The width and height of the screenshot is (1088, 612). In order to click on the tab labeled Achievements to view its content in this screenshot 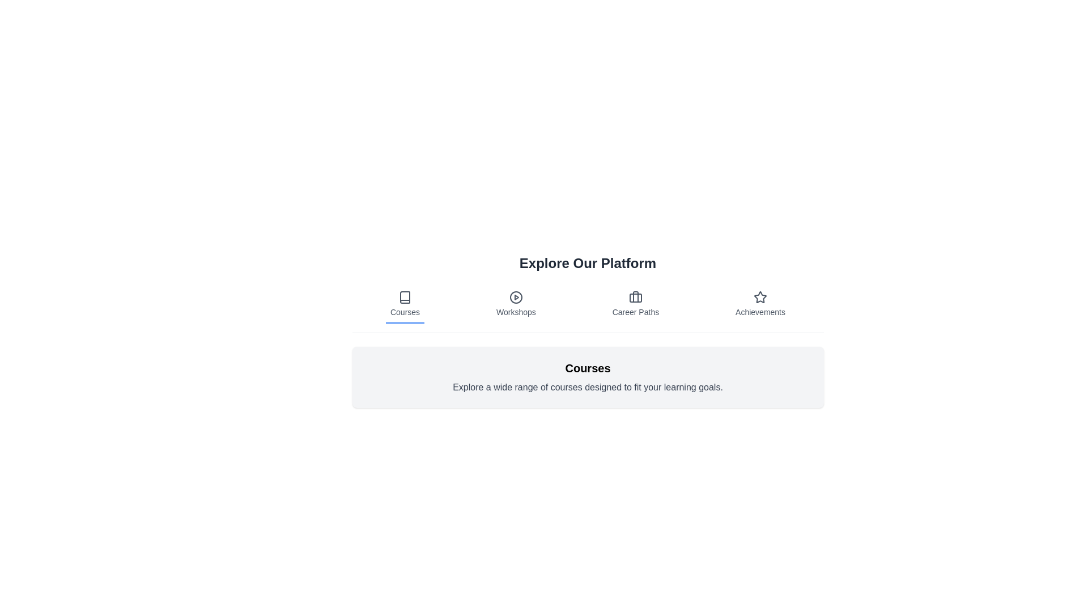, I will do `click(760, 304)`.